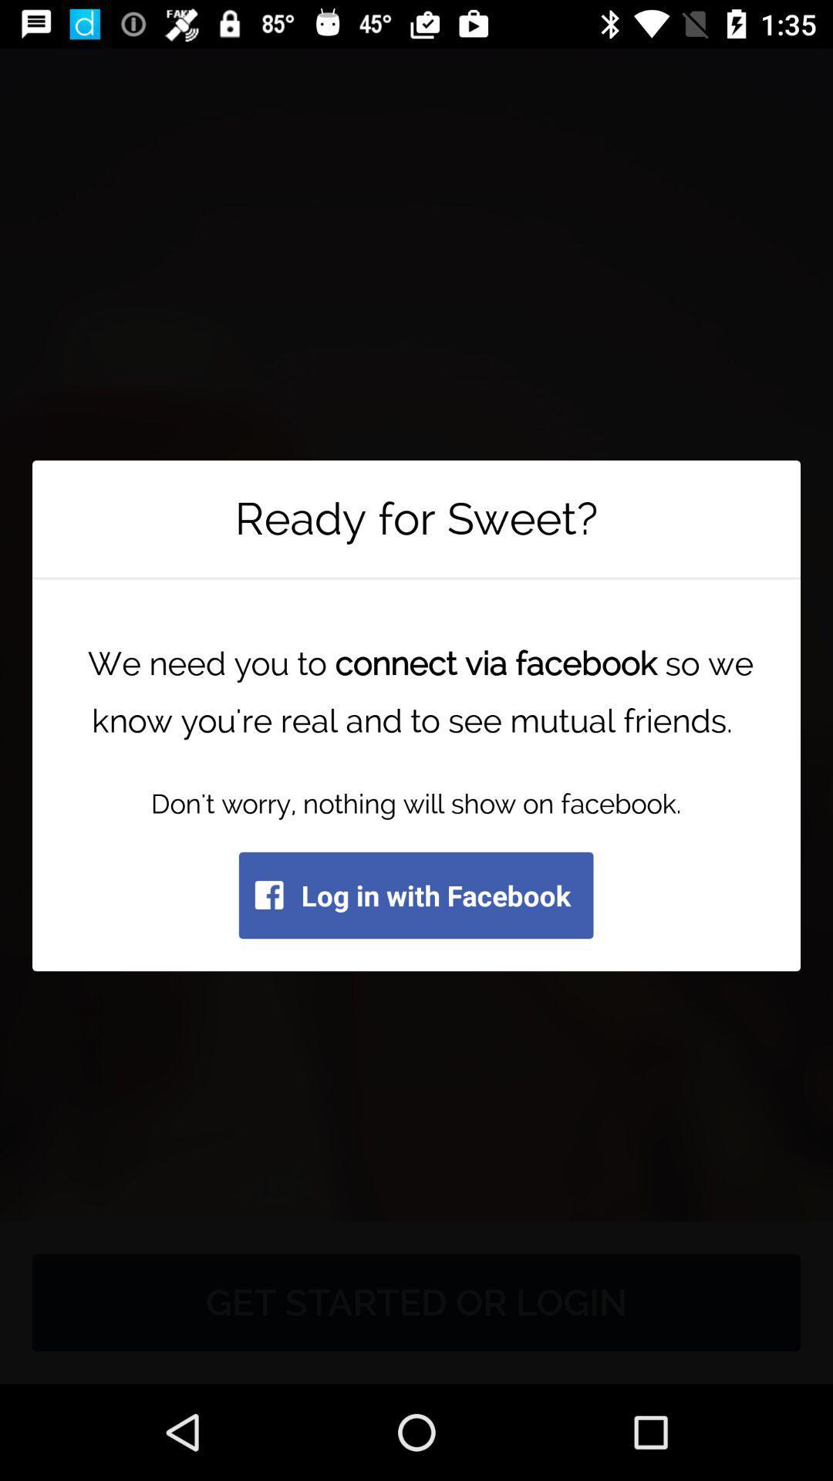 The image size is (833, 1481). What do you see at coordinates (415, 896) in the screenshot?
I see `the log in with item` at bounding box center [415, 896].